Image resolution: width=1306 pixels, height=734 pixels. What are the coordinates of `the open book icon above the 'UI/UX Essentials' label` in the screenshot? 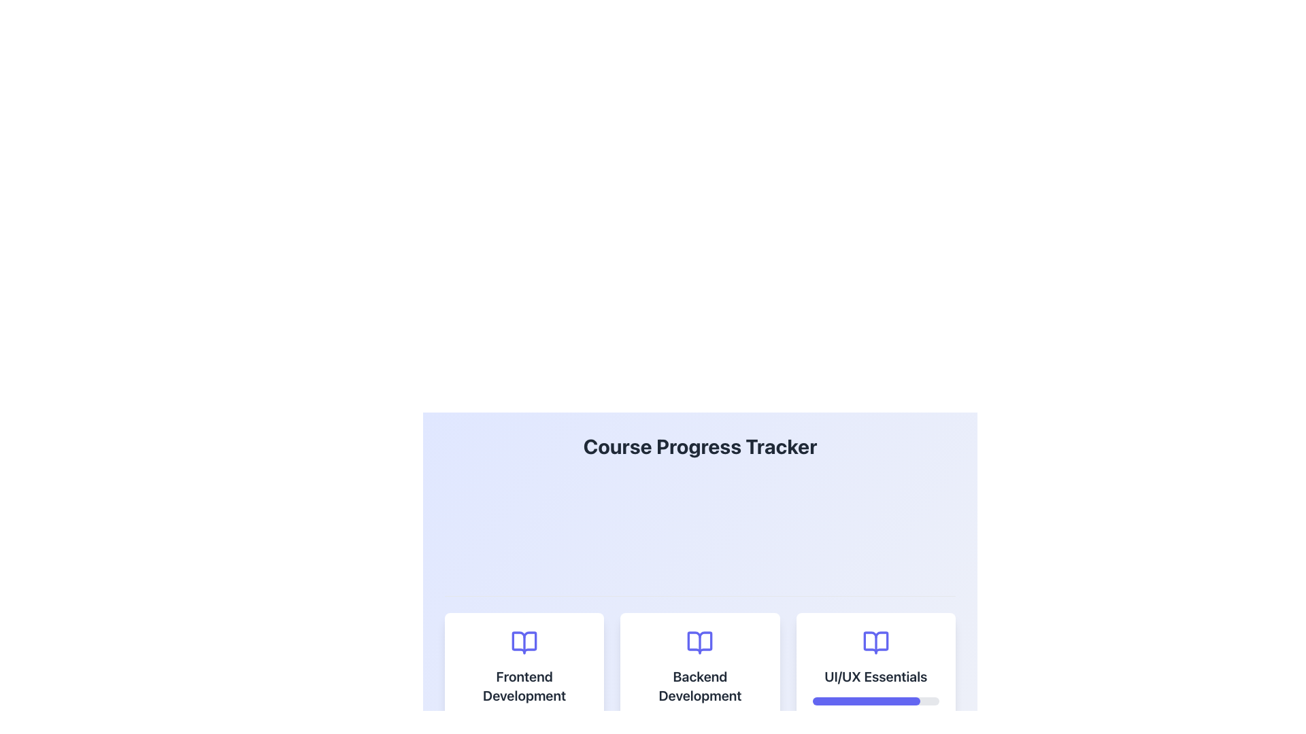 It's located at (875, 642).